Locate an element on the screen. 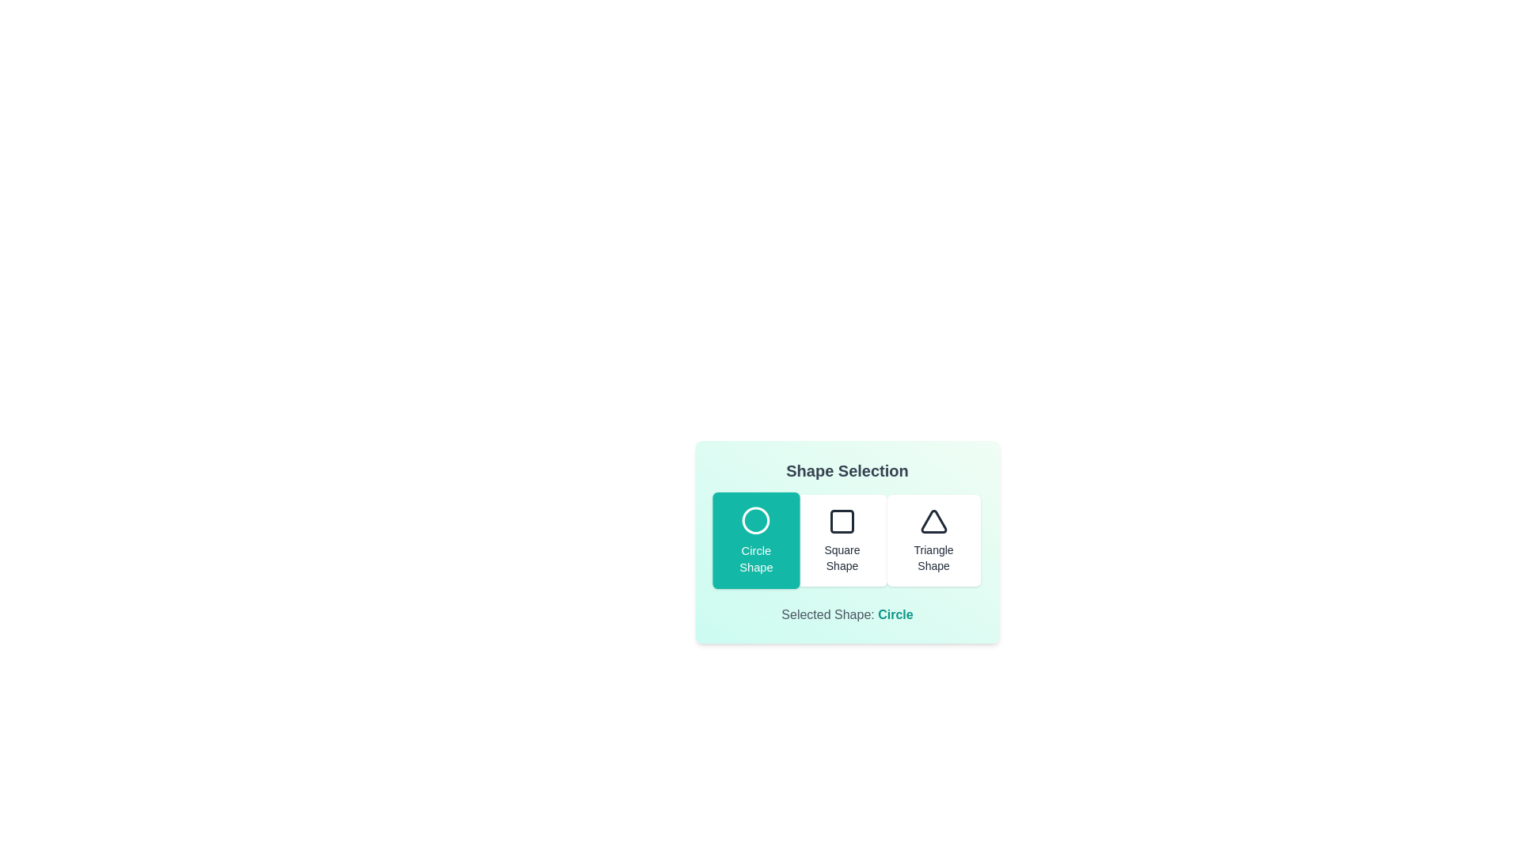 This screenshot has height=855, width=1520. the triangle button to observe its hover effect is located at coordinates (933, 539).